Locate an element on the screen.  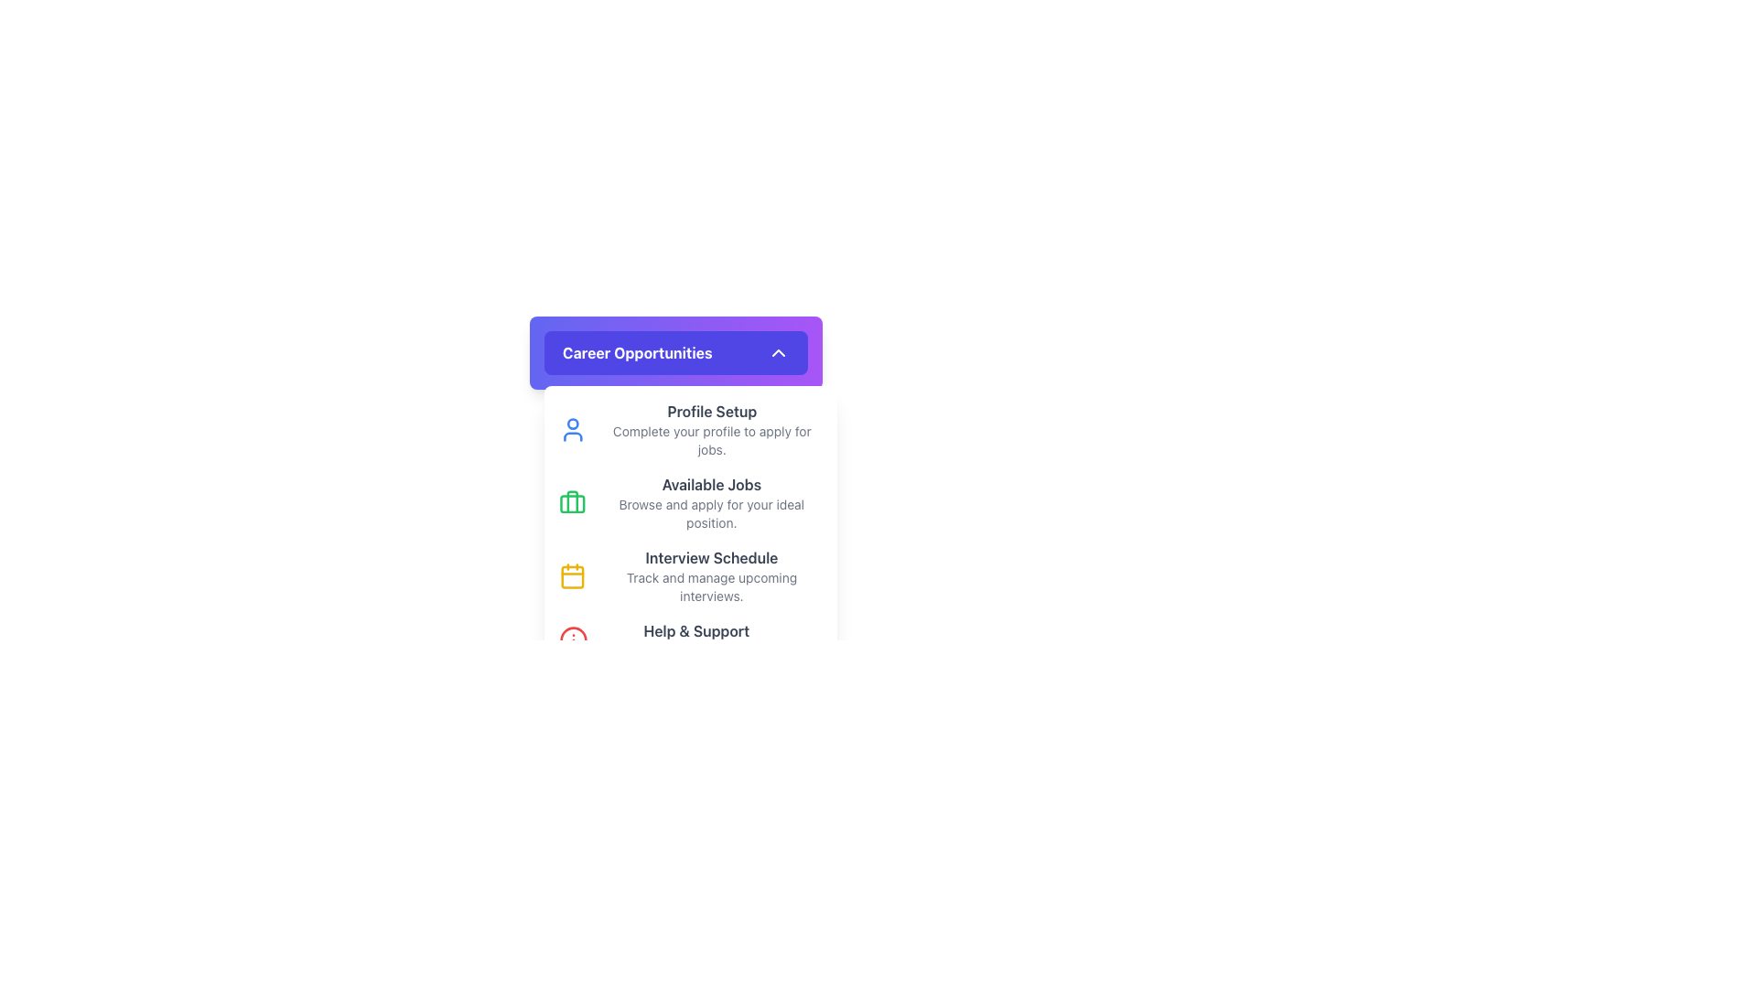
the 'Interview Schedule' navigation item, which consists of a yellow calendar icon and descriptive text is located at coordinates (689, 575).